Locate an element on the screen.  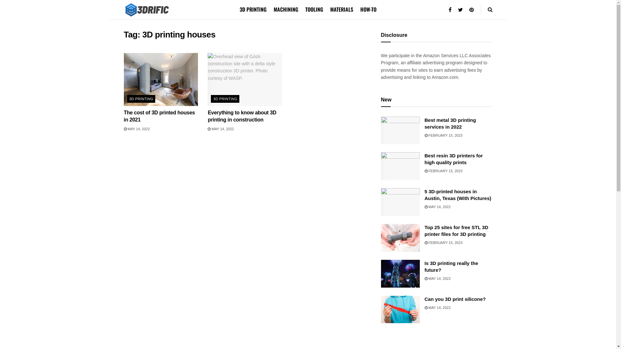
'Everything to know about 3D printing in construction' is located at coordinates (242, 116).